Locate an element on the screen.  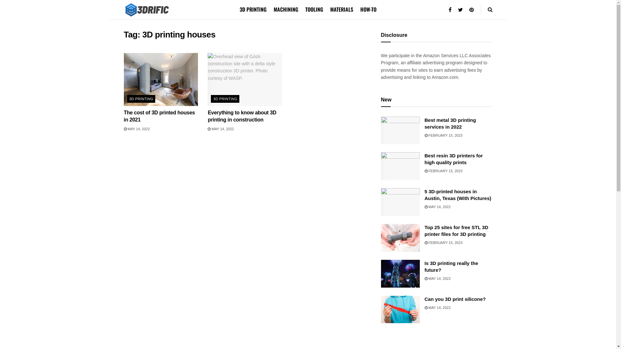
'Everything to know about 3D printing in construction' is located at coordinates (242, 116).